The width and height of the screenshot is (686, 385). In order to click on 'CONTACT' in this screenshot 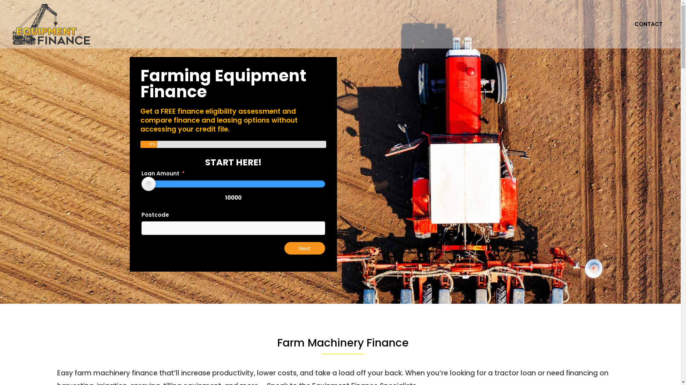, I will do `click(648, 24)`.